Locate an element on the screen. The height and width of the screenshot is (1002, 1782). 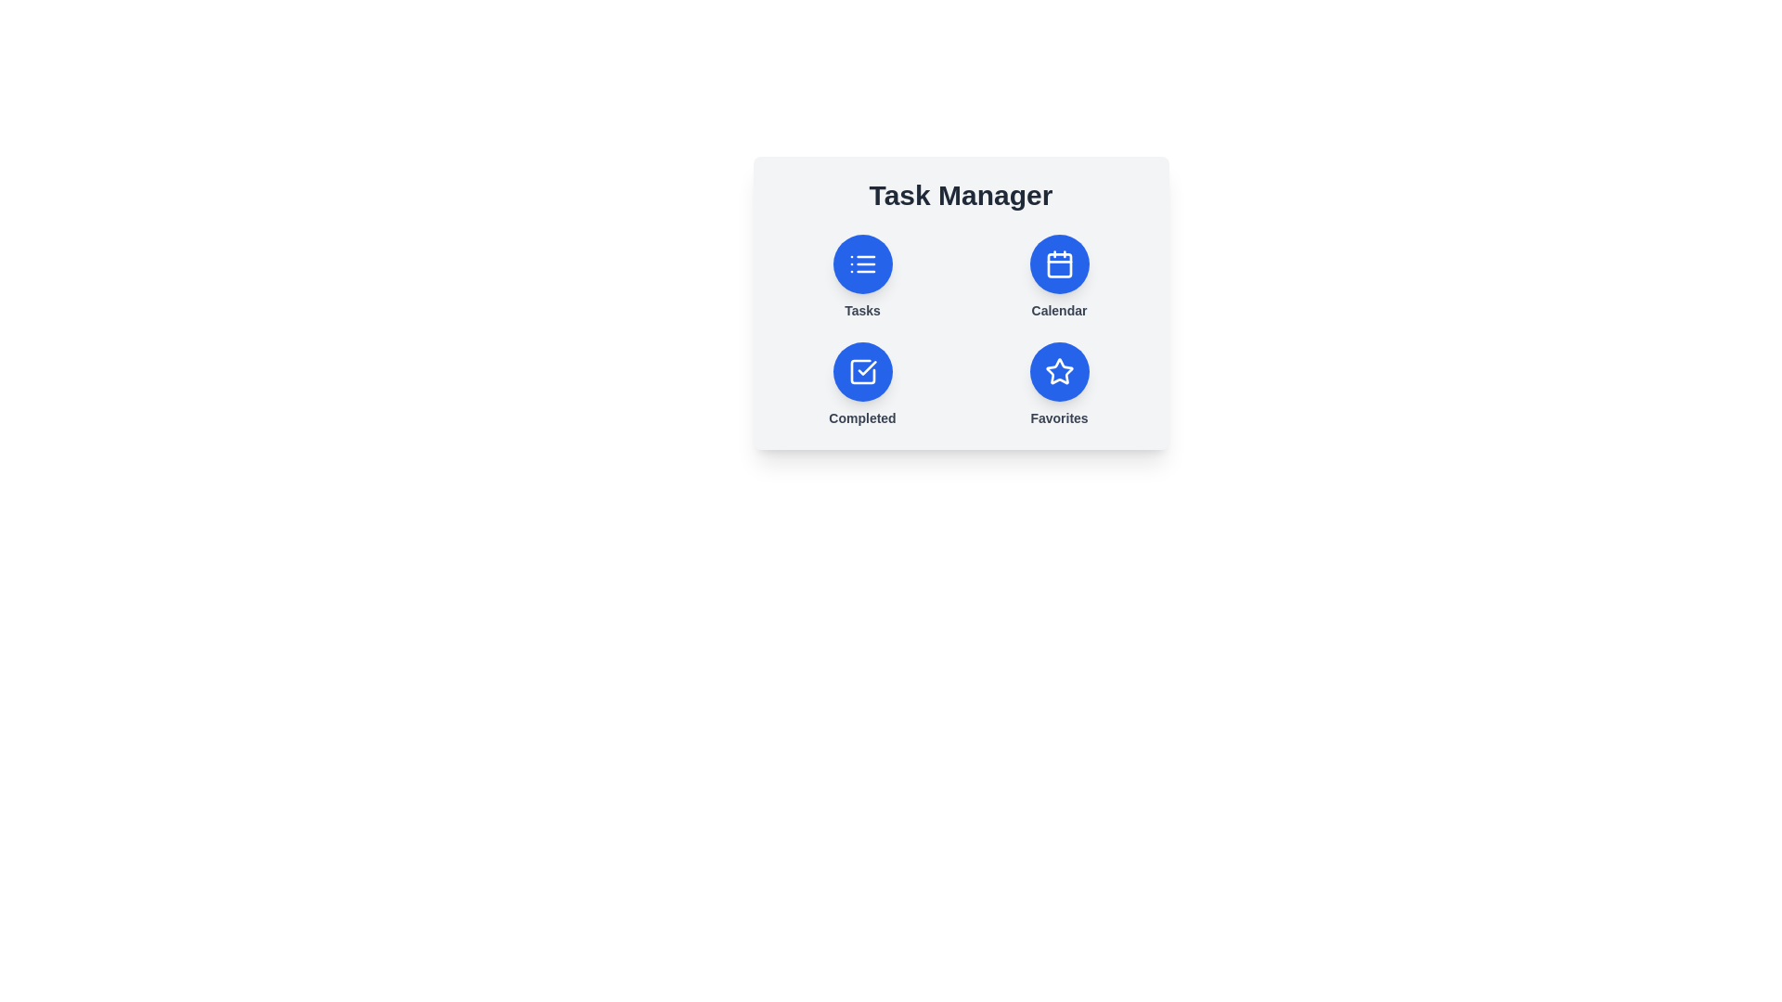
the circular blue button with a white star icon in the 'Favorites' group is located at coordinates (1059, 372).